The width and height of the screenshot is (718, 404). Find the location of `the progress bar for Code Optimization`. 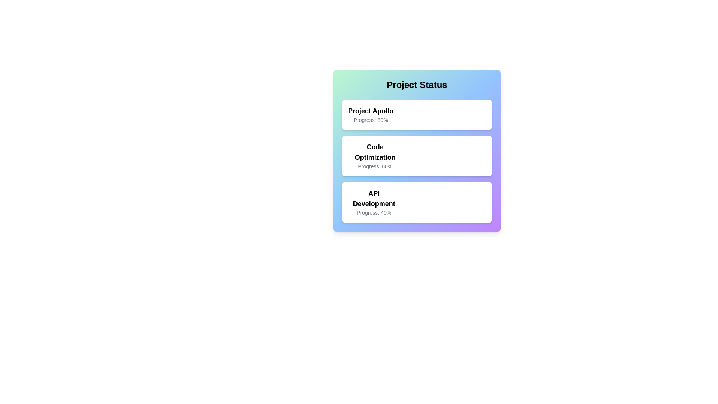

the progress bar for Code Optimization is located at coordinates (420, 155).